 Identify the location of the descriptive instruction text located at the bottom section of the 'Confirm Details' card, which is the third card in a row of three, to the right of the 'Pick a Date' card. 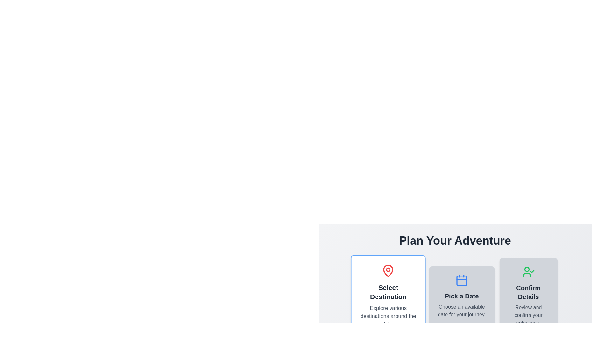
(528, 315).